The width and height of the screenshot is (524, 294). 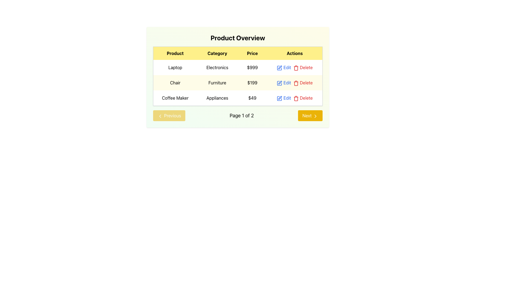 What do you see at coordinates (279, 83) in the screenshot?
I see `the blue pen icon in the 'Actions' column of the second row under the 'Chair' product entry to initiate edit` at bounding box center [279, 83].